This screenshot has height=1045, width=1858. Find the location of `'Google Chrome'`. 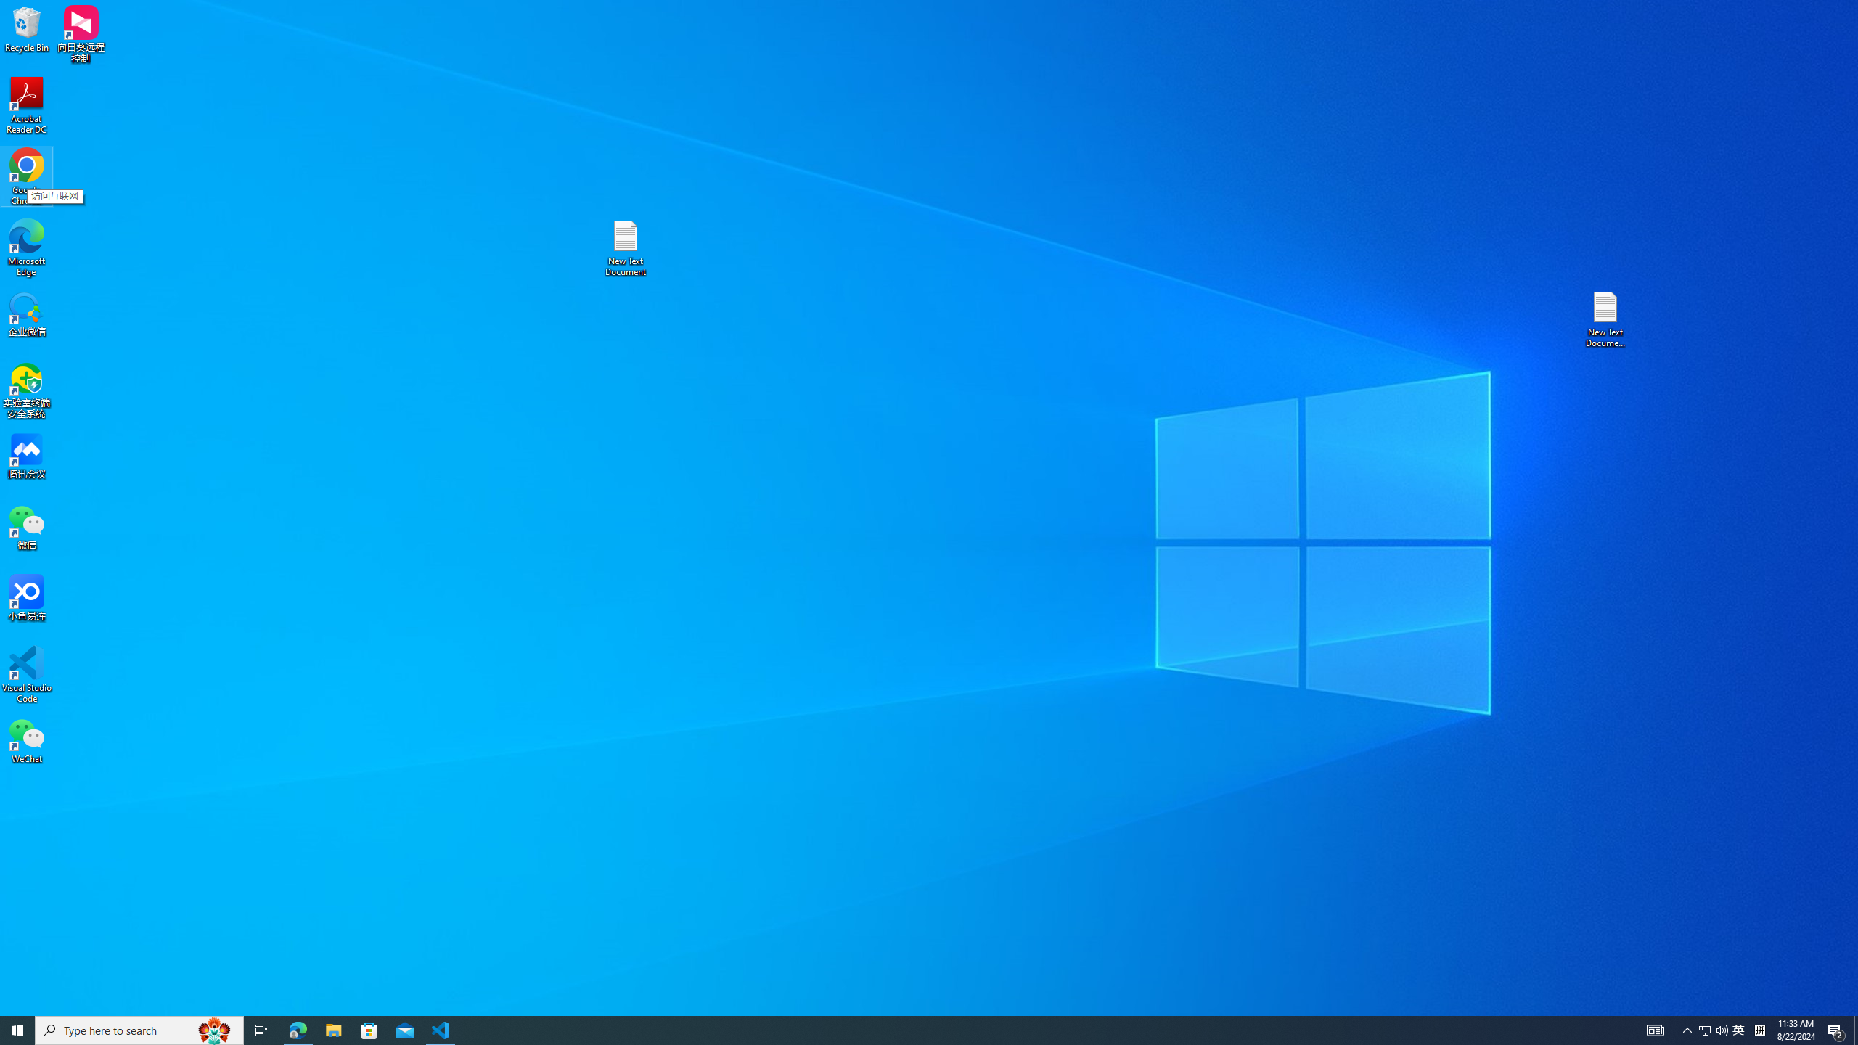

'Google Chrome' is located at coordinates (26, 177).